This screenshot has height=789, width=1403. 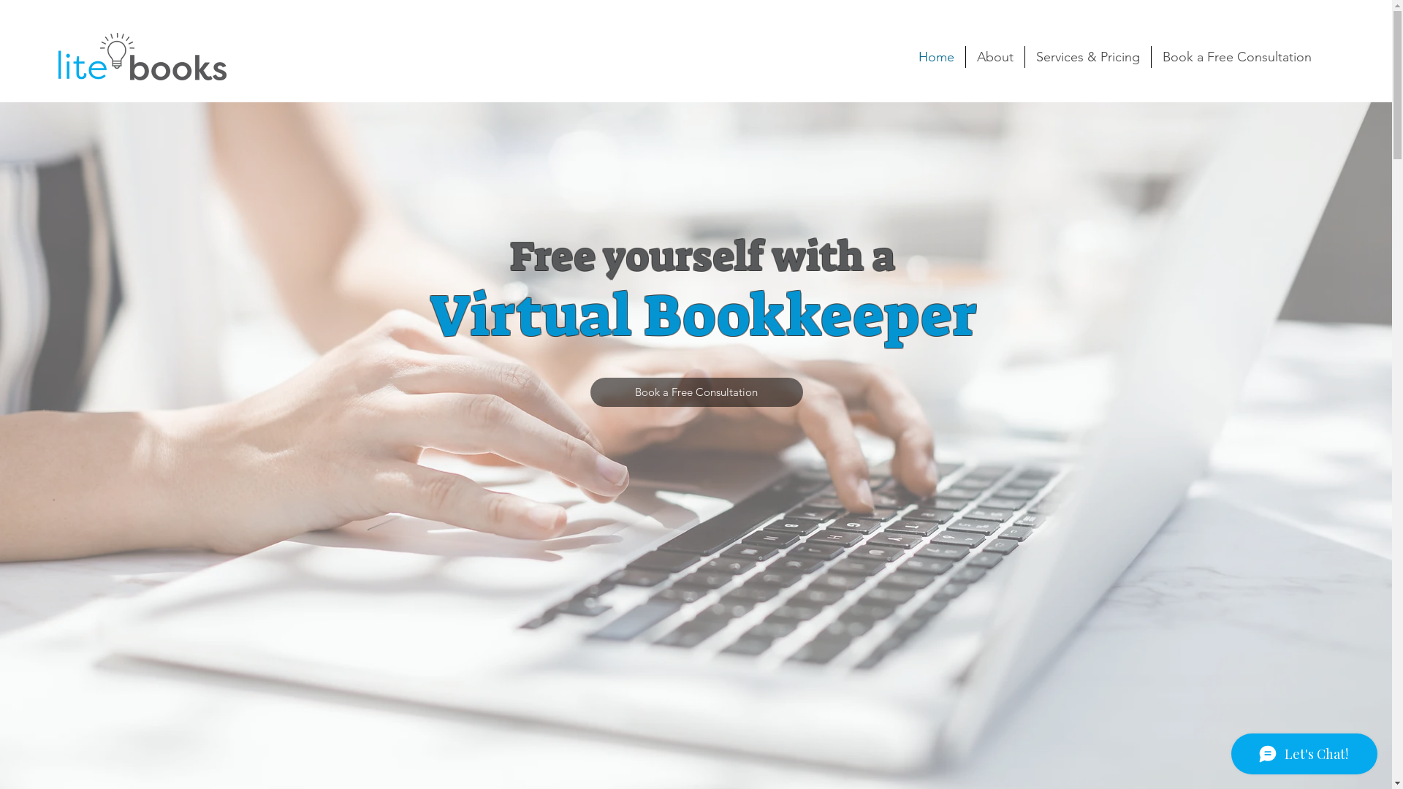 I want to click on 'About', so click(x=995, y=56).